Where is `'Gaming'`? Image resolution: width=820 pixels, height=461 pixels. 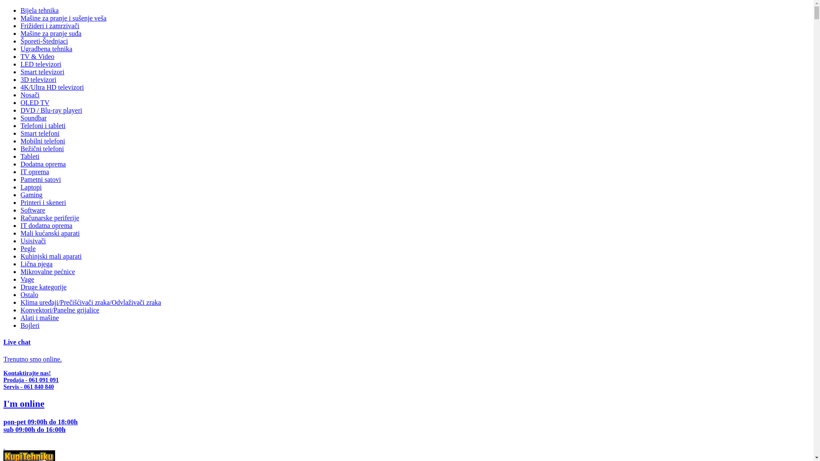 'Gaming' is located at coordinates (31, 195).